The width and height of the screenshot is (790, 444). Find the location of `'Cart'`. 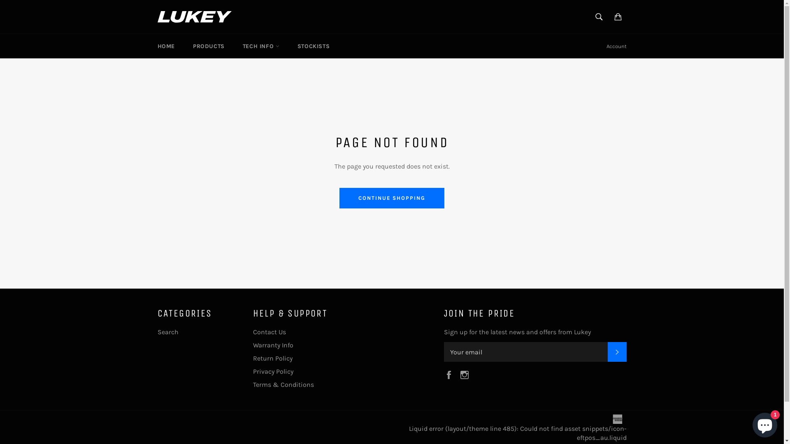

'Cart' is located at coordinates (618, 17).